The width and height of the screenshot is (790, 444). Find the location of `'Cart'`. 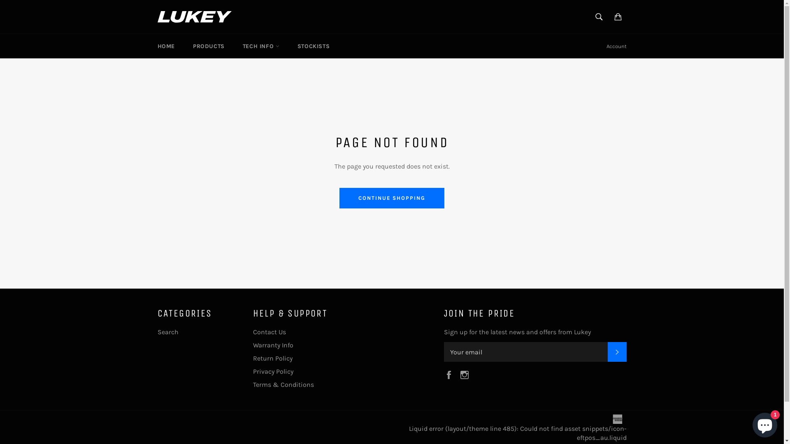

'Cart' is located at coordinates (618, 17).